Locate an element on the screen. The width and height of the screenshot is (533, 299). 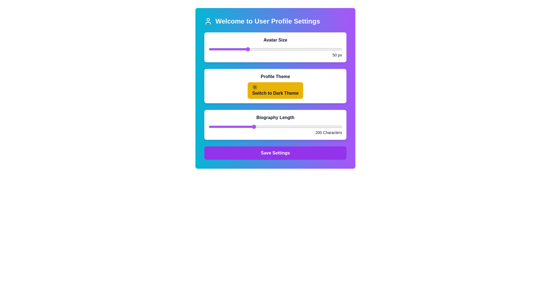
the slider is located at coordinates (248, 49).